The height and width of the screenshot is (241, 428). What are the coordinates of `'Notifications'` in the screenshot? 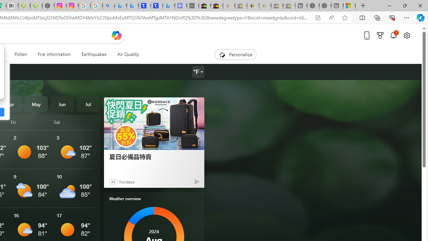 It's located at (393, 35).